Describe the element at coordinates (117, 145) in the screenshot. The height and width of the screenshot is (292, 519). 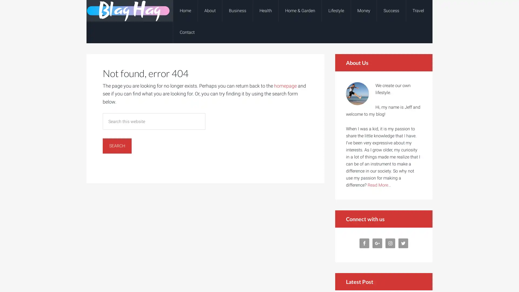
I see `Search` at that location.